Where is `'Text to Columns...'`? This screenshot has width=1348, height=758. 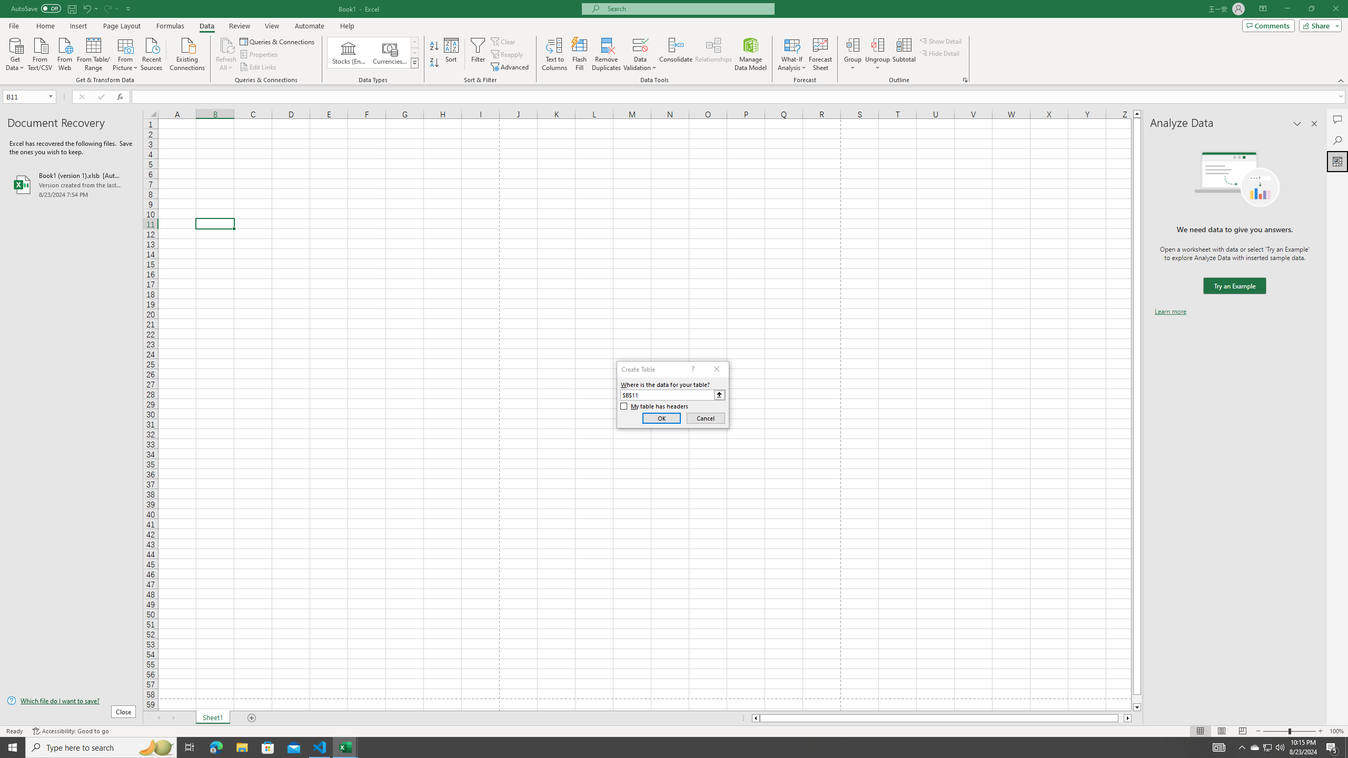
'Text to Columns...' is located at coordinates (554, 54).